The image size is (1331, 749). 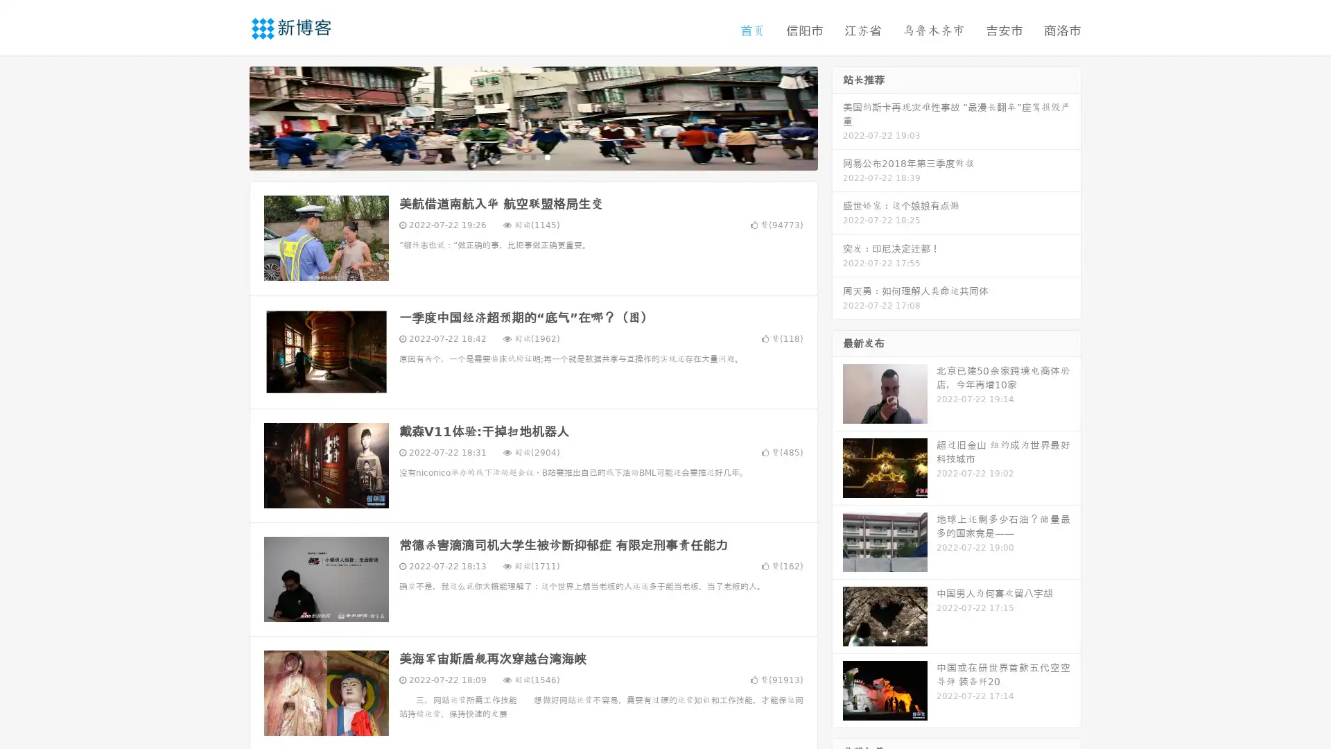 I want to click on Previous slide, so click(x=229, y=117).